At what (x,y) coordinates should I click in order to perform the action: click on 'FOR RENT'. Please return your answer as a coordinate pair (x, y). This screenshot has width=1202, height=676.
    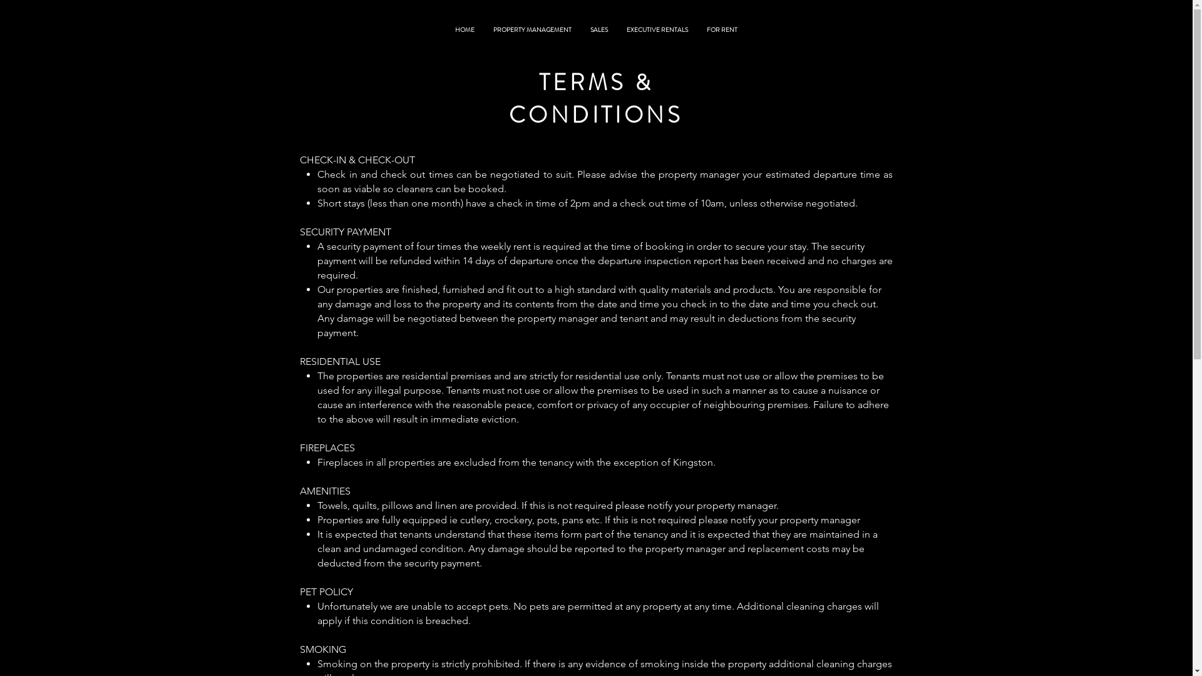
    Looking at the image, I should click on (722, 29).